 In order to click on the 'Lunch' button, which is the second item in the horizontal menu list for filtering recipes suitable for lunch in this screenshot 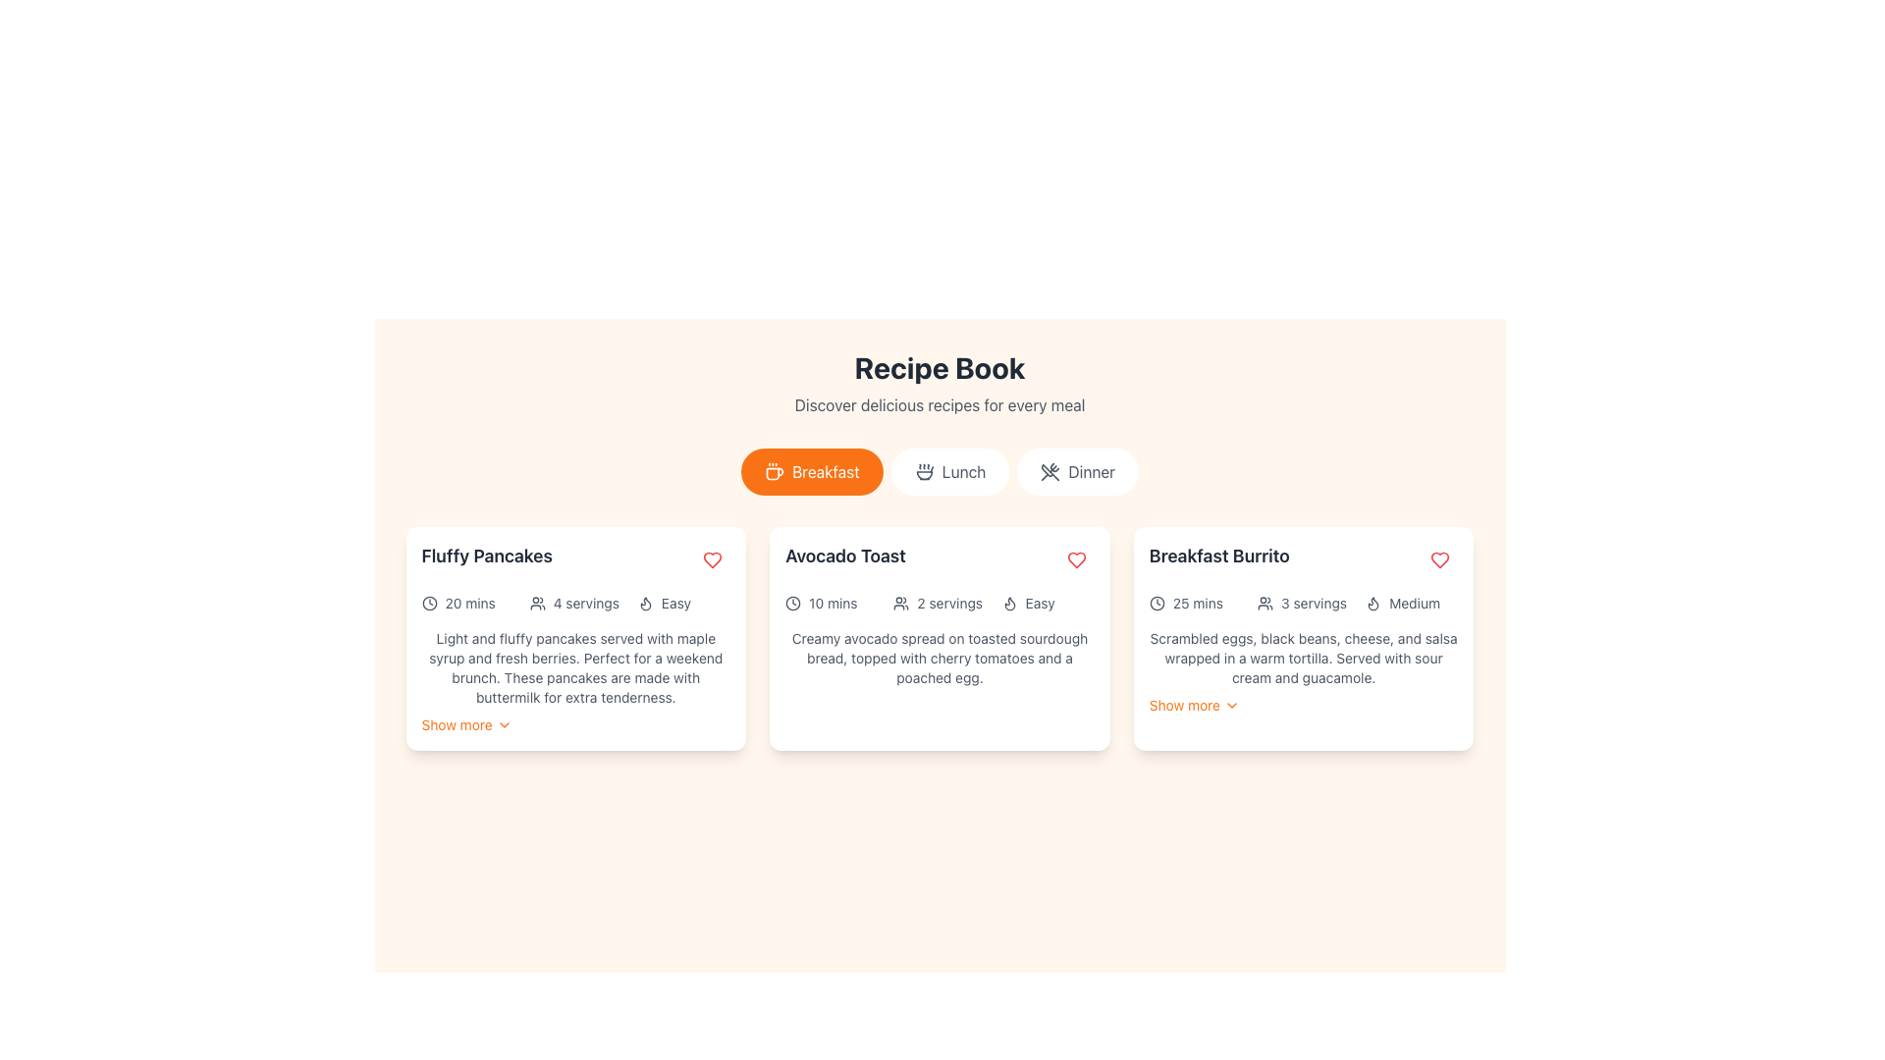, I will do `click(964, 472)`.